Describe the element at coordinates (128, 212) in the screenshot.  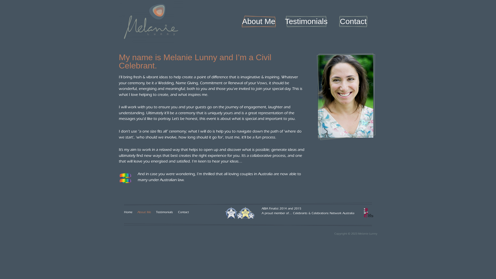
I see `'Home'` at that location.